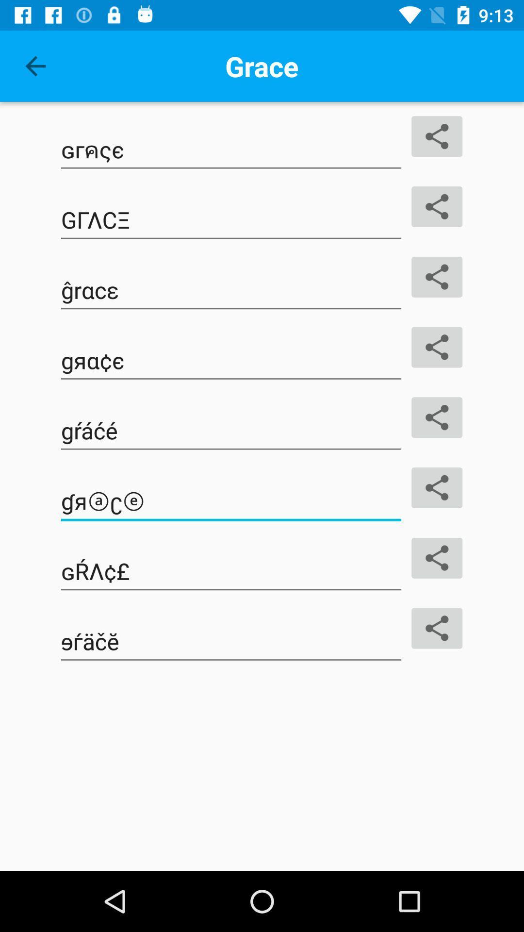 The width and height of the screenshot is (524, 932). What do you see at coordinates (231, 149) in the screenshot?
I see `the button which is below the grace and left side of the share button` at bounding box center [231, 149].